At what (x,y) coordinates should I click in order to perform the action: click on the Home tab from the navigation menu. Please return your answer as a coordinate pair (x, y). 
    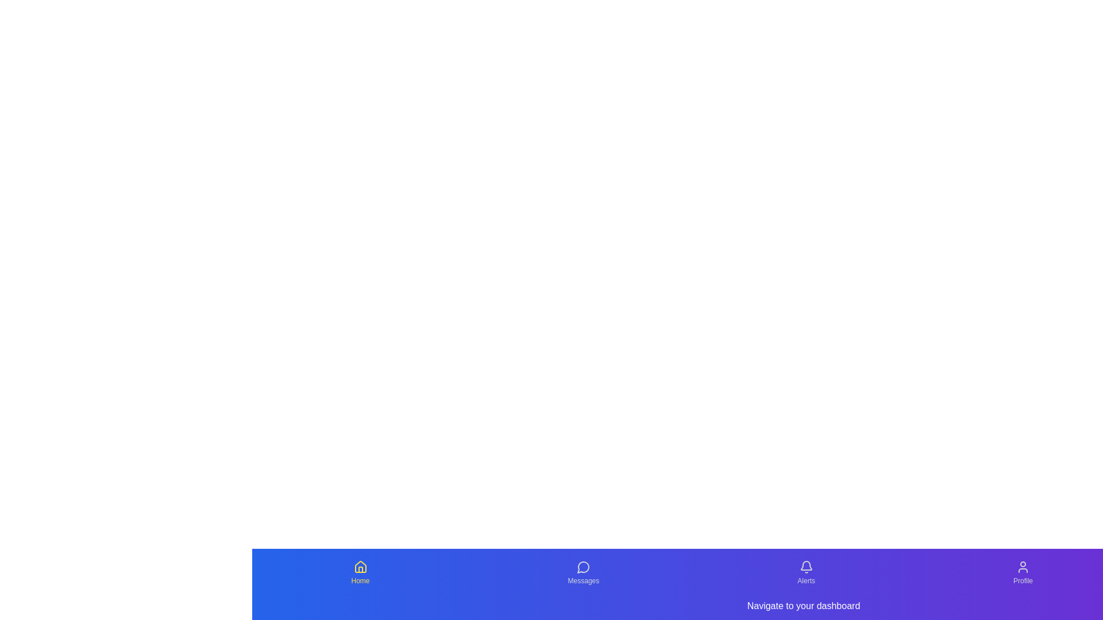
    Looking at the image, I should click on (360, 573).